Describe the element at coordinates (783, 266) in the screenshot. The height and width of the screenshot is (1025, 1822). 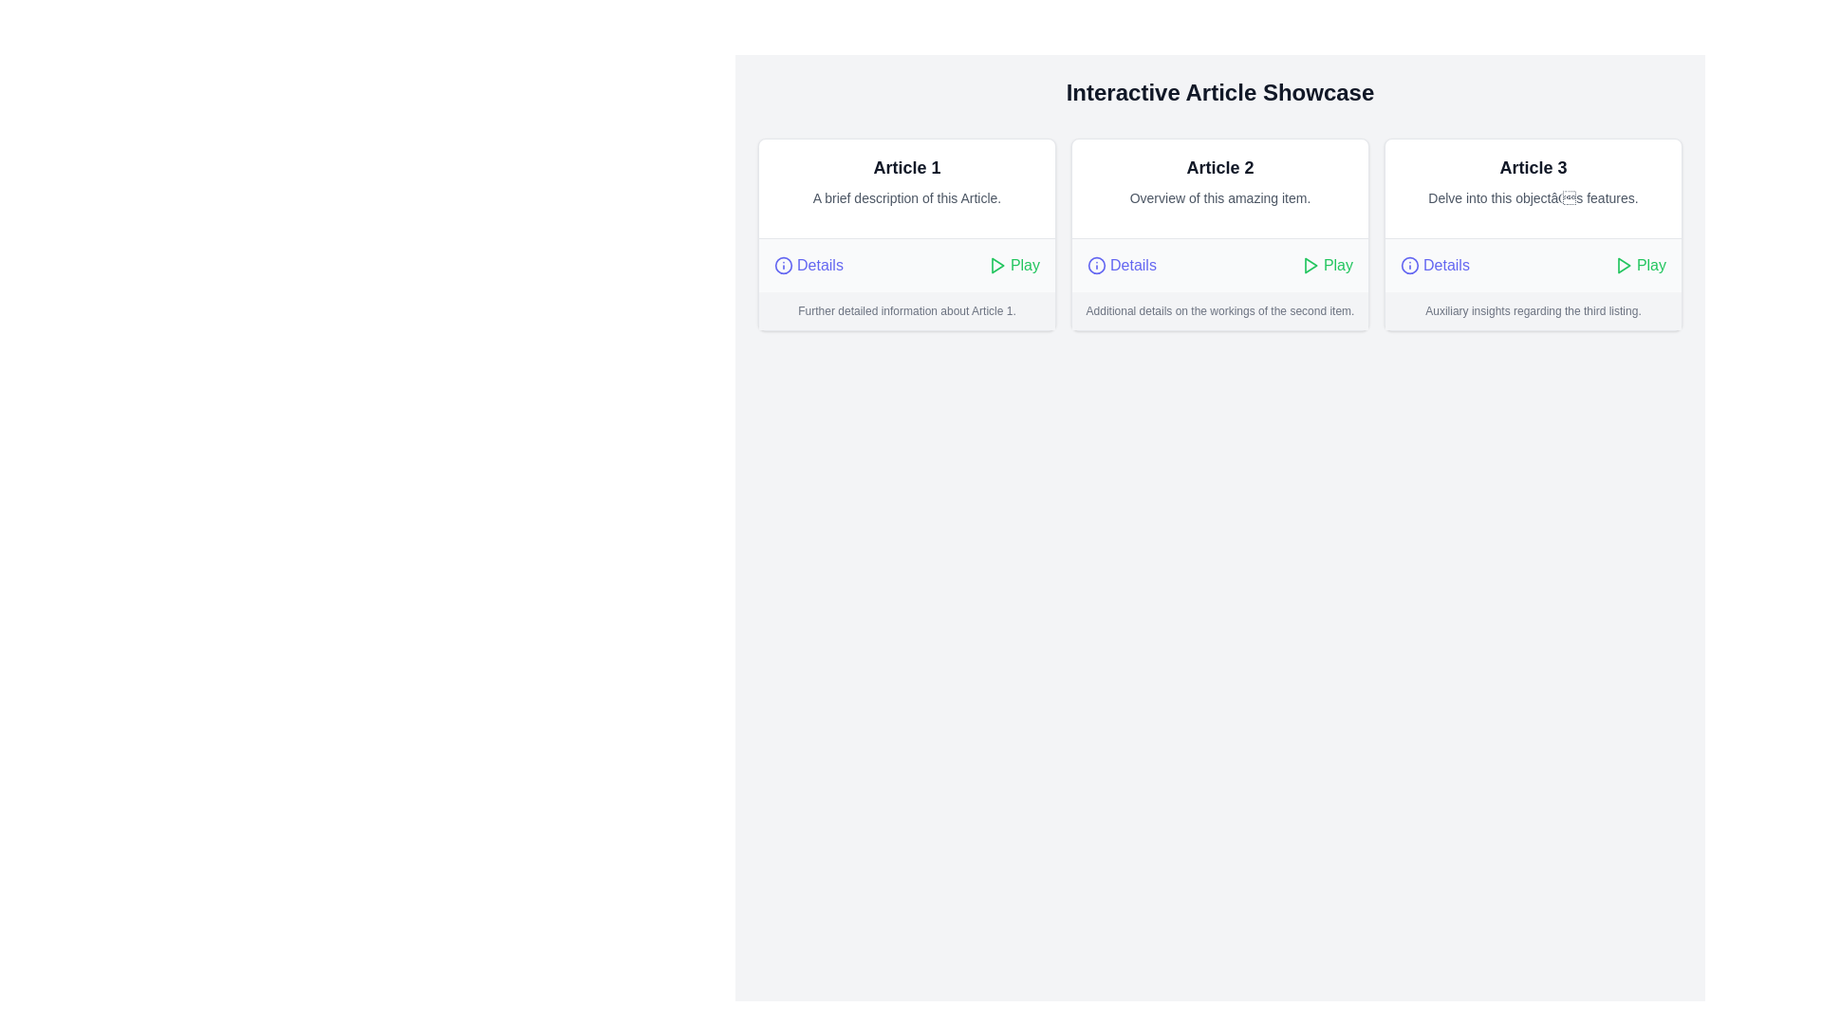
I see `the stroke-only circle element which is part of the SVG graphic representing an information symbol, located directly above the 'Details' link in the middle card of a 3-card layout` at that location.